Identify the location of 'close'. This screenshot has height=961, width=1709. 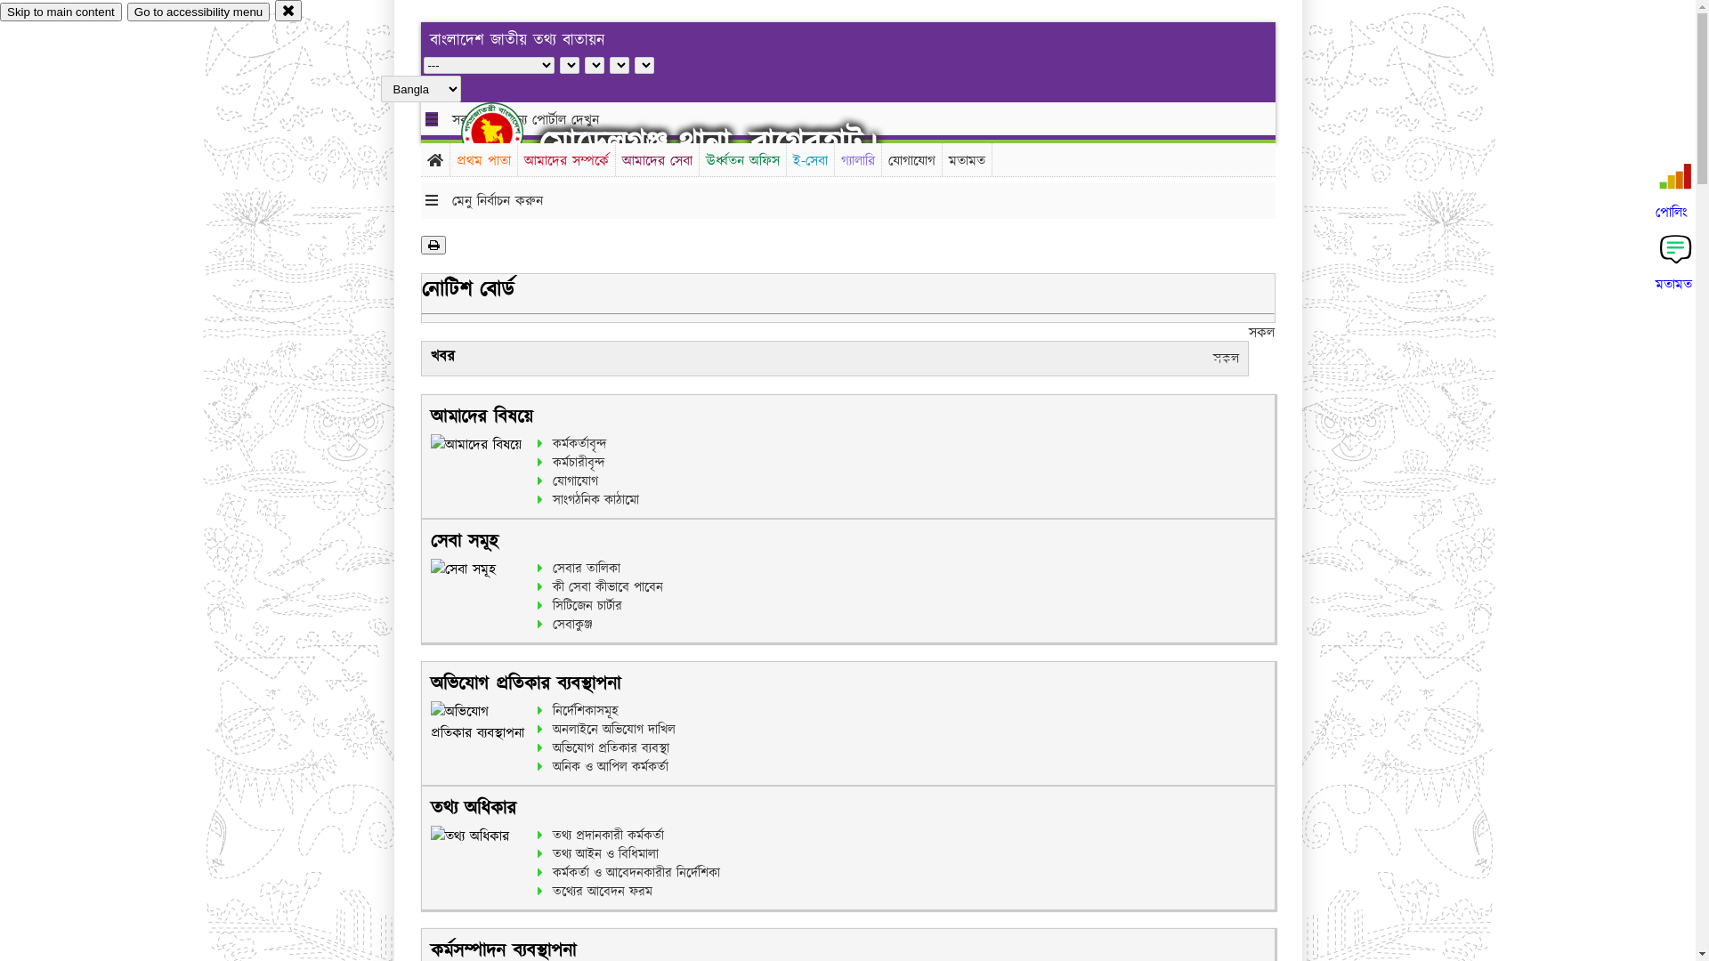
(288, 10).